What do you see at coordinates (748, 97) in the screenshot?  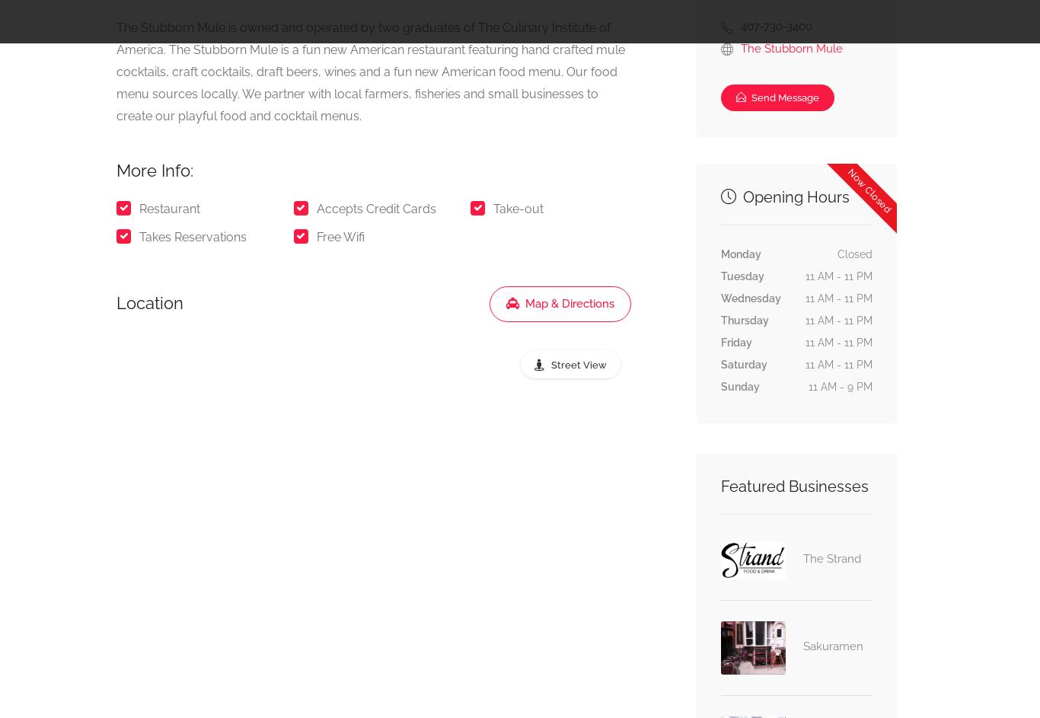 I see `'Send Message'` at bounding box center [748, 97].